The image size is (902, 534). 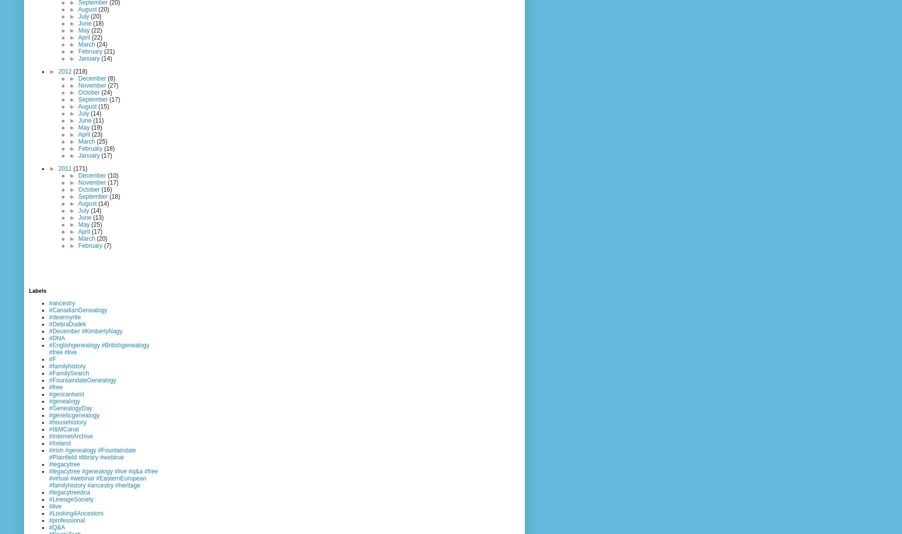 What do you see at coordinates (111, 77) in the screenshot?
I see `'(8)'` at bounding box center [111, 77].